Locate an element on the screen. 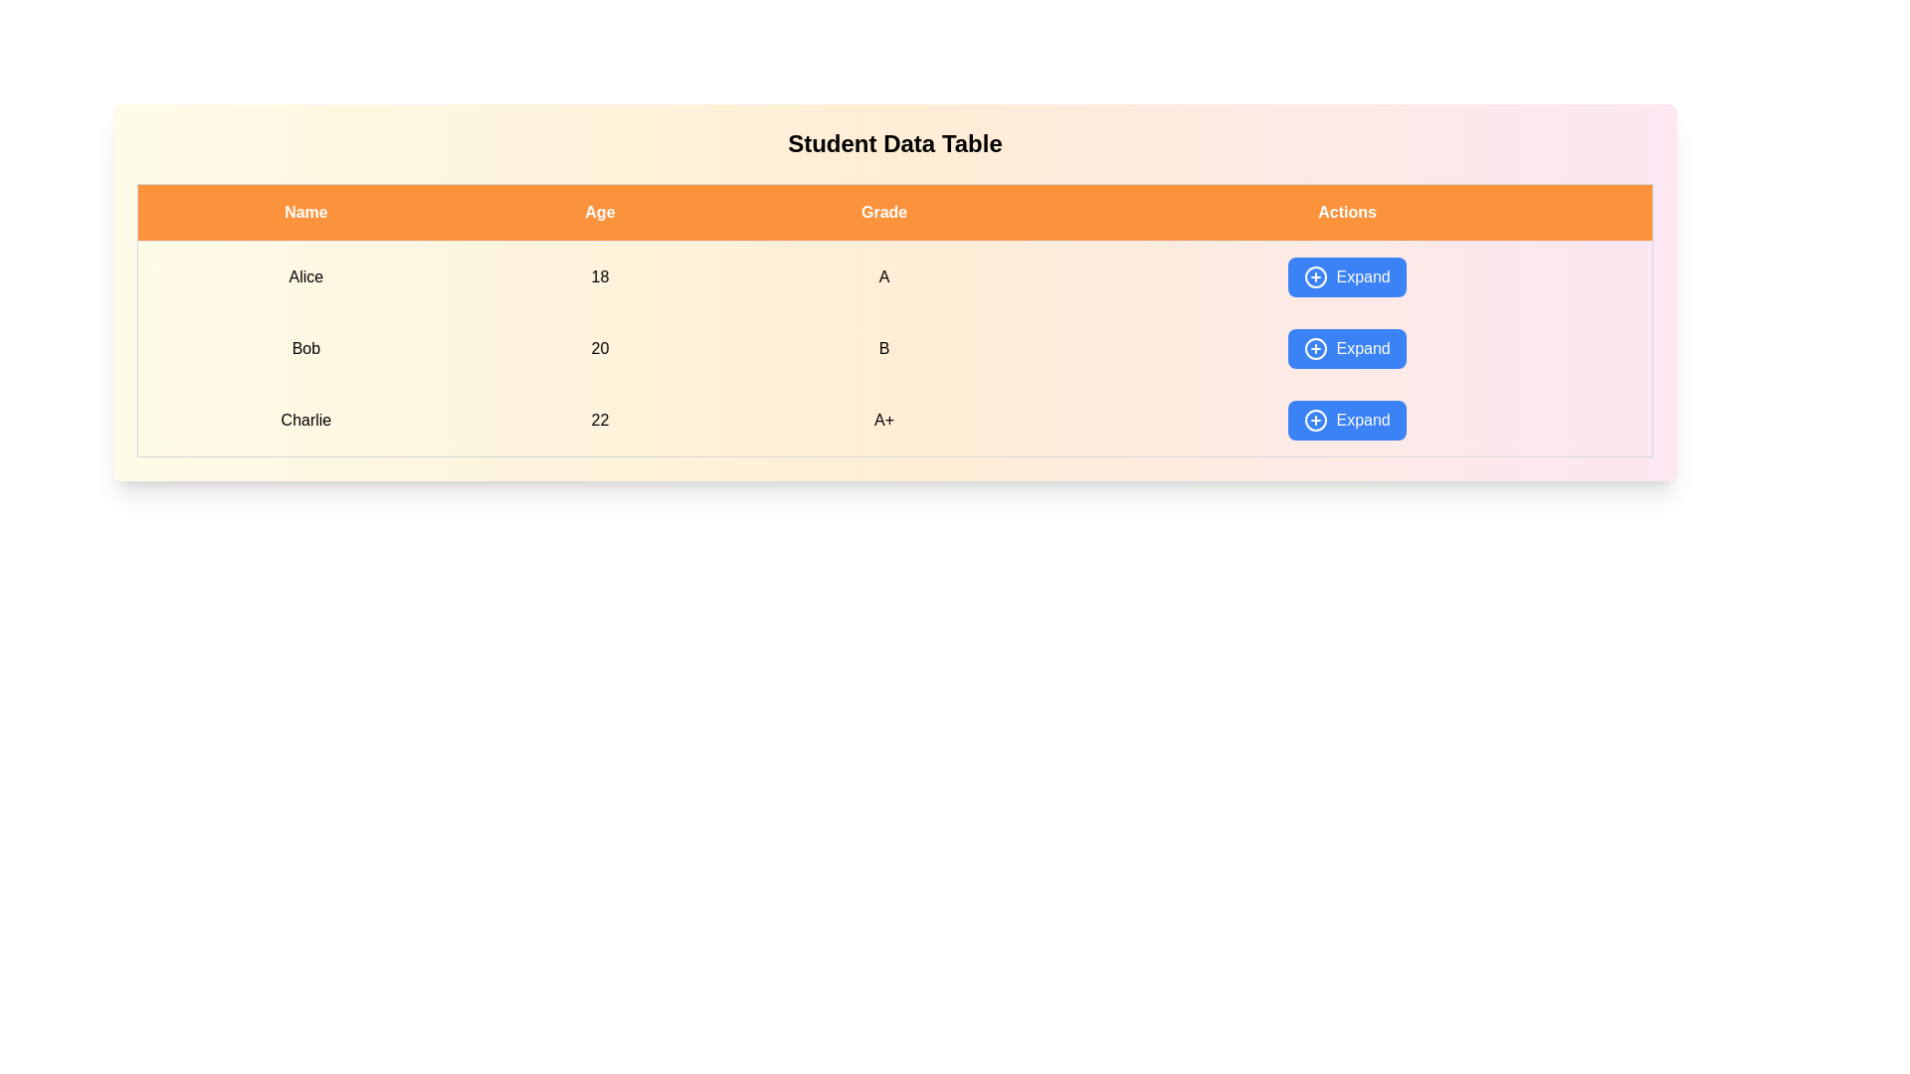 This screenshot has height=1074, width=1910. the icon within the first 'Expand' button in the 'Actions' column of the data table, which corresponds to the first row associated with 'Alice' is located at coordinates (1316, 276).